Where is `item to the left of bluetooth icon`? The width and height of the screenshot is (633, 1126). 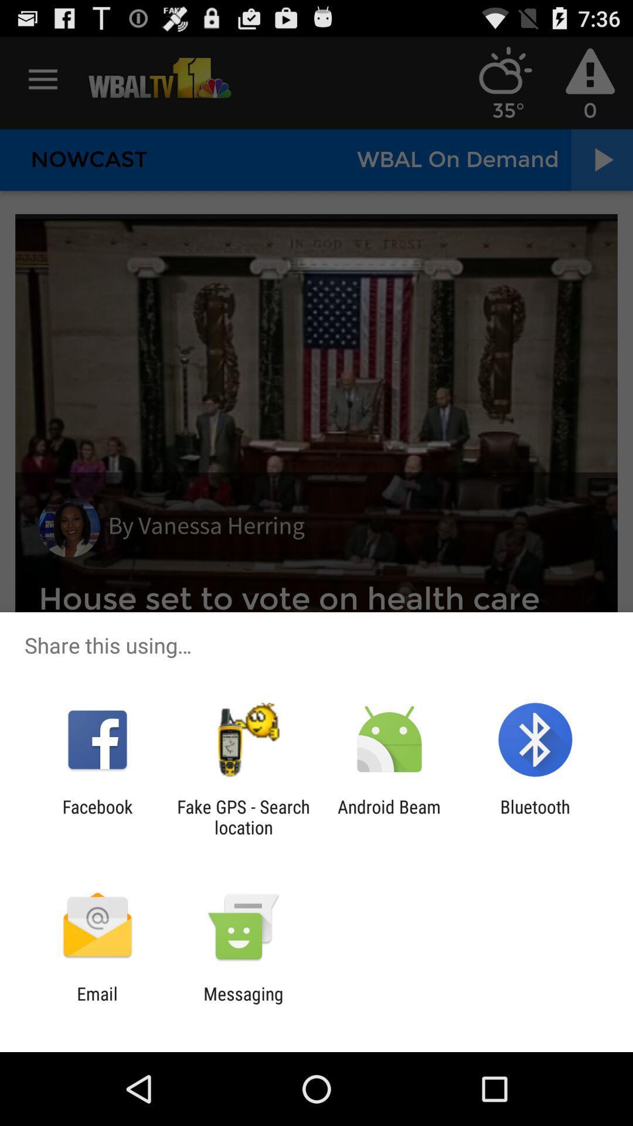
item to the left of bluetooth icon is located at coordinates (389, 816).